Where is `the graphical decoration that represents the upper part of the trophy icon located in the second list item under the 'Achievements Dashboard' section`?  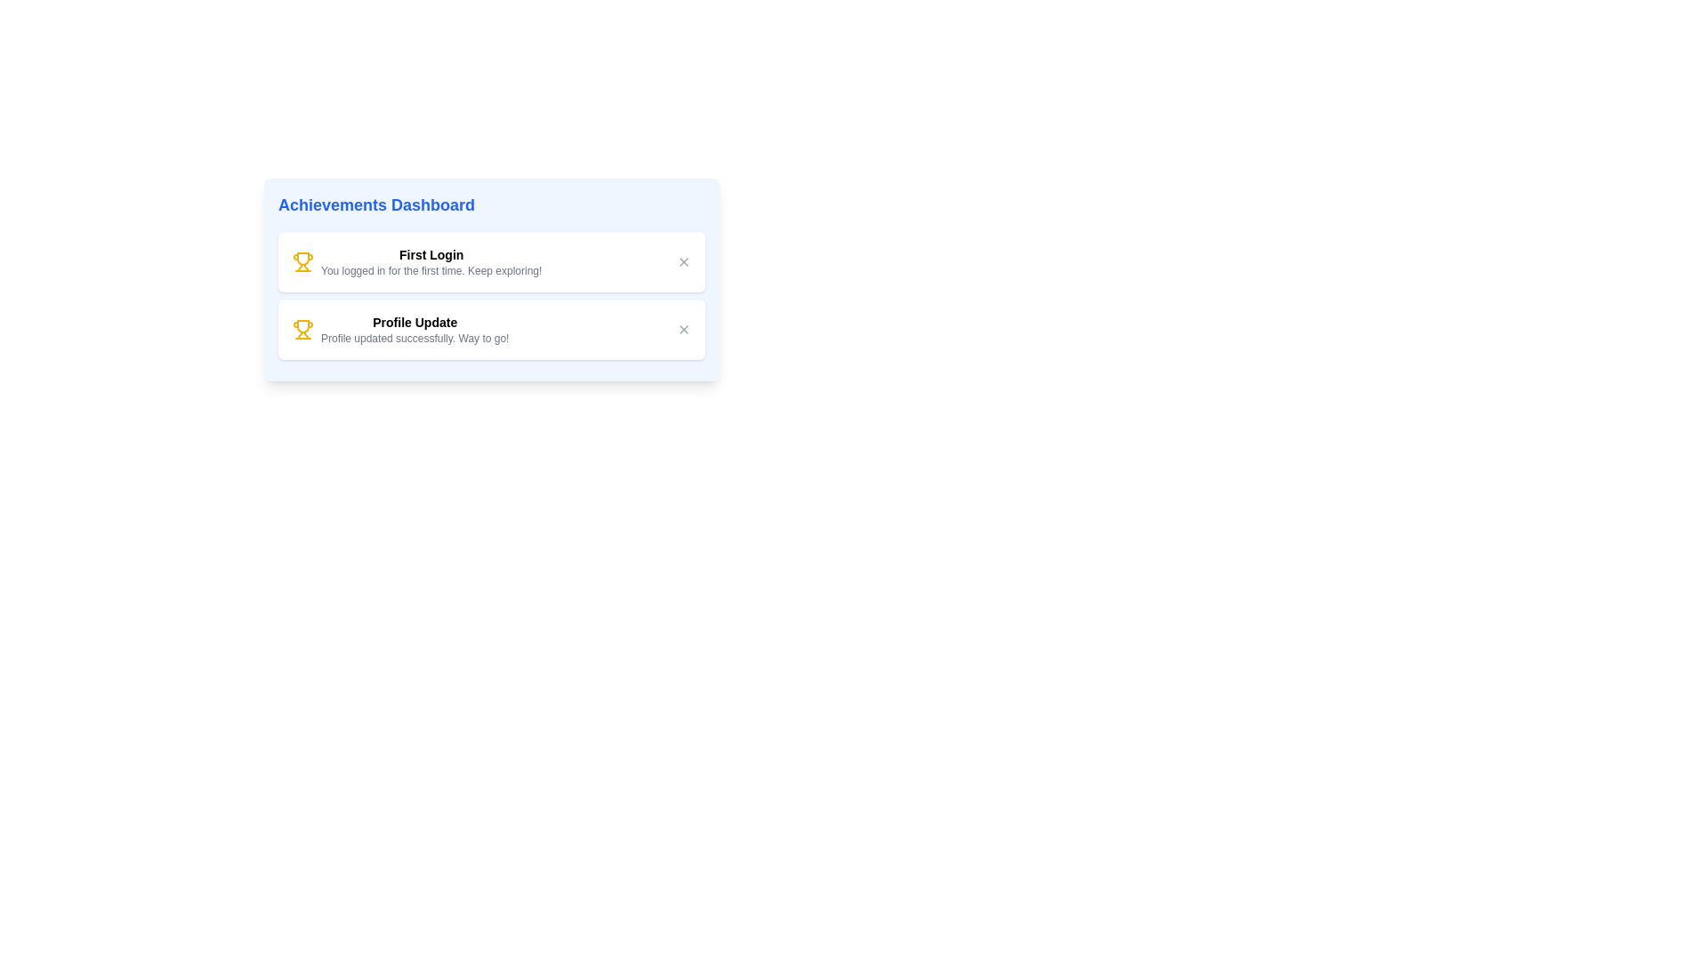
the graphical decoration that represents the upper part of the trophy icon located in the second list item under the 'Achievements Dashboard' section is located at coordinates (302, 259).